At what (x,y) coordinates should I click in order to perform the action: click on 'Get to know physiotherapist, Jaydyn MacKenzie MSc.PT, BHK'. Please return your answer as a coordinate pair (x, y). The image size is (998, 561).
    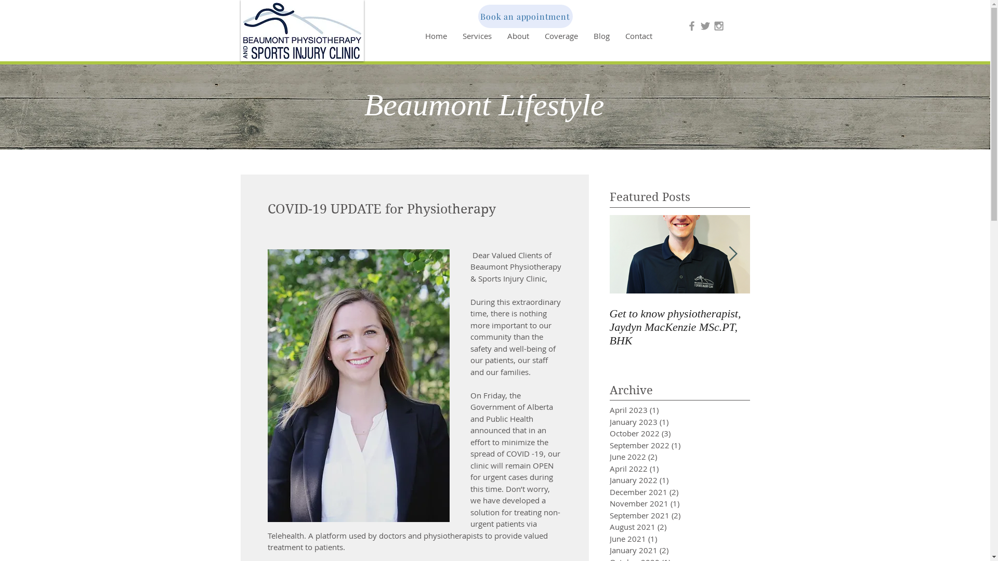
    Looking at the image, I should click on (679, 326).